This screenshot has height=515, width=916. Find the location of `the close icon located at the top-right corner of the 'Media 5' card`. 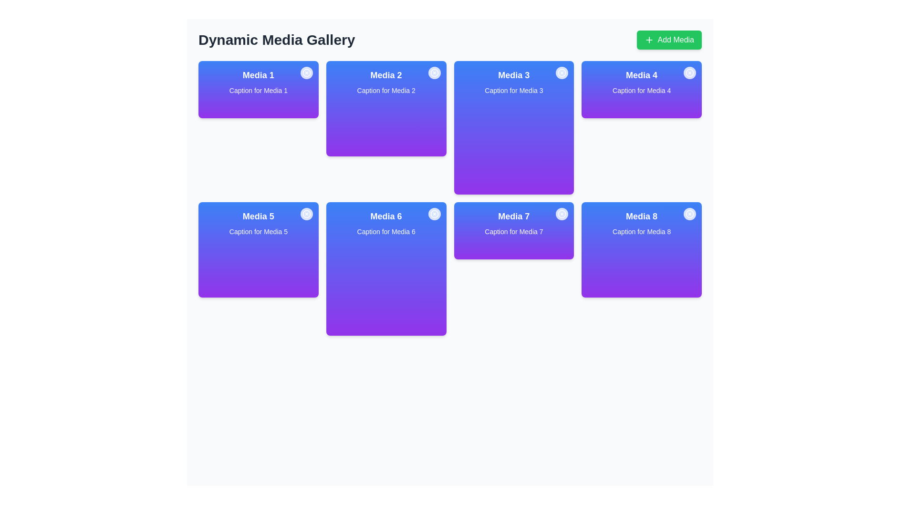

the close icon located at the top-right corner of the 'Media 5' card is located at coordinates (306, 213).